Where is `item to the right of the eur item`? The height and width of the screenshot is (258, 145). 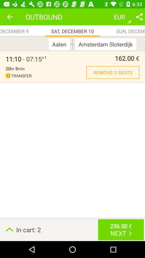 item to the right of the eur item is located at coordinates (139, 17).